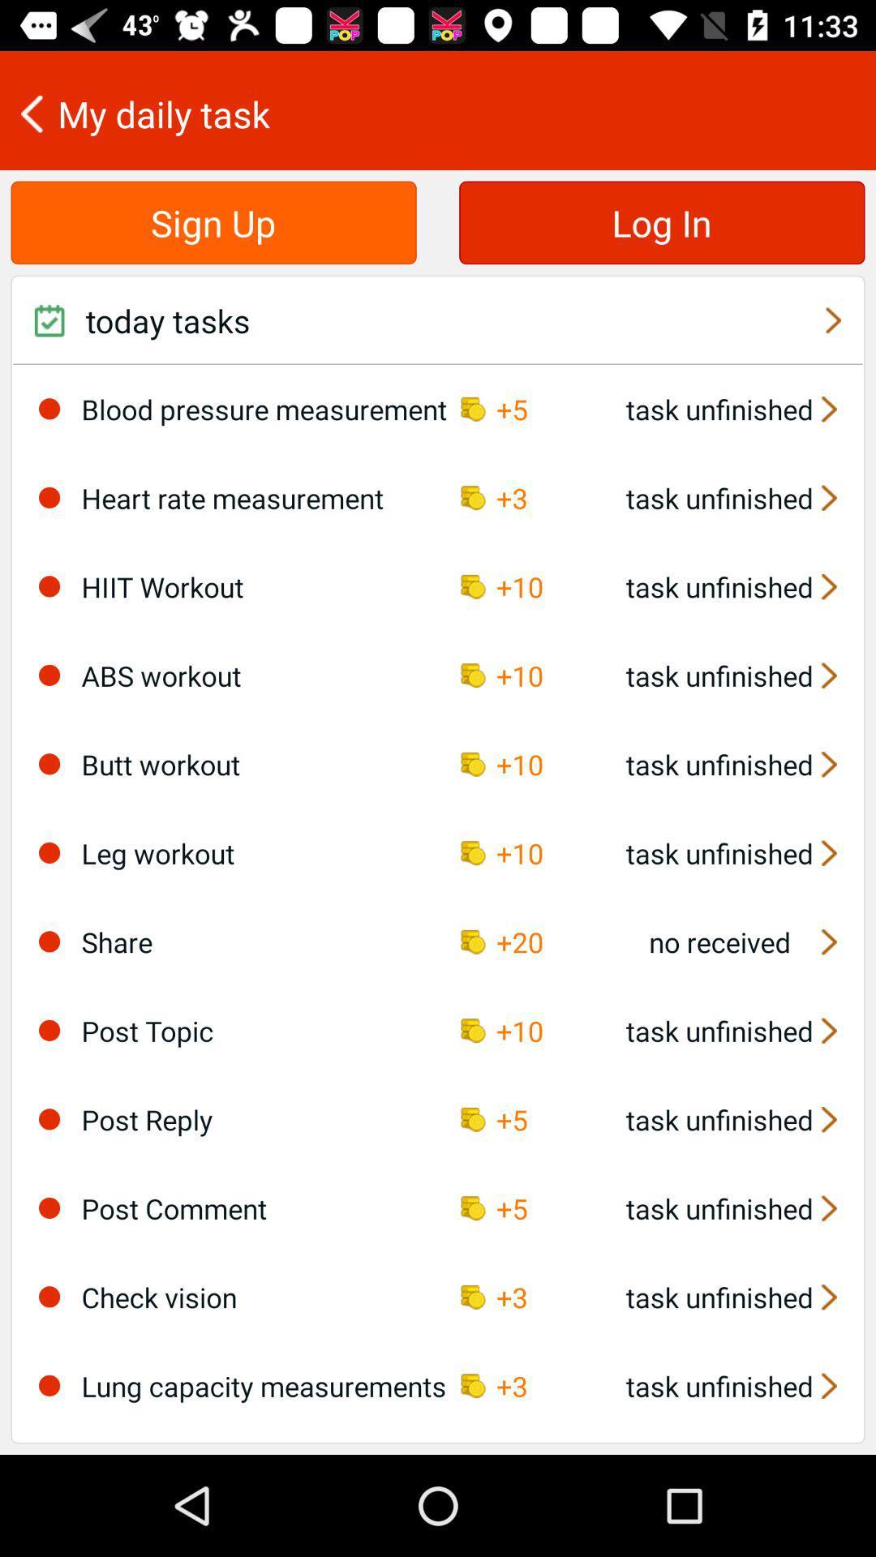  Describe the element at coordinates (49, 585) in the screenshot. I see `the item to the left of hiit workout icon` at that location.